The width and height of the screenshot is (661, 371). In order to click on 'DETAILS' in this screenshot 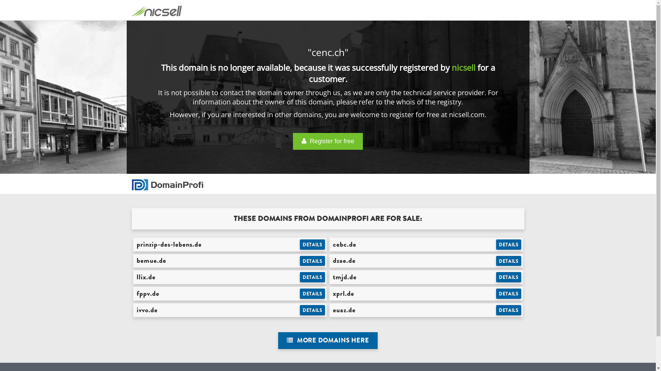, I will do `click(312, 294)`.